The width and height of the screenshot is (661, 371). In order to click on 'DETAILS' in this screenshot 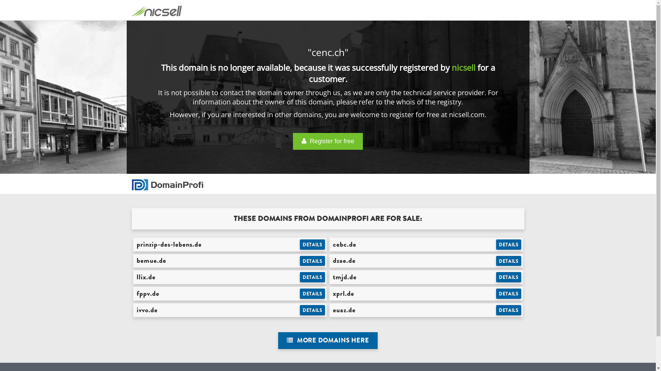, I will do `click(312, 294)`.